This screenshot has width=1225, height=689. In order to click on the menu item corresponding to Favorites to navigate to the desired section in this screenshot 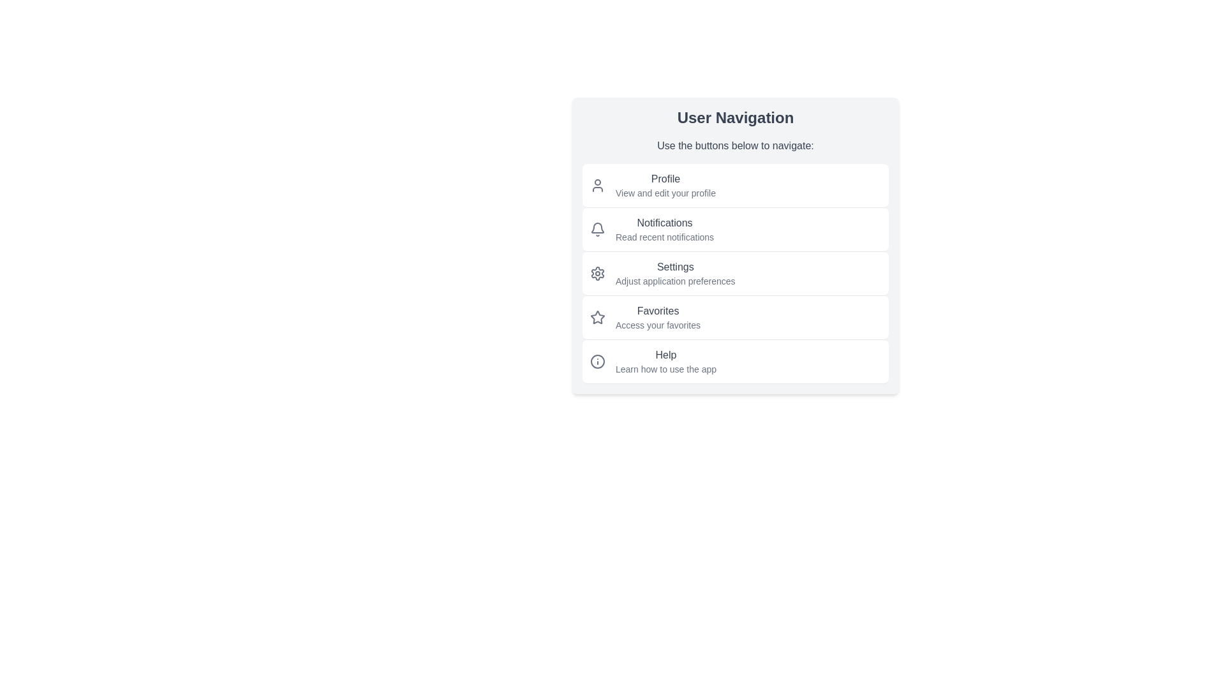, I will do `click(735, 316)`.